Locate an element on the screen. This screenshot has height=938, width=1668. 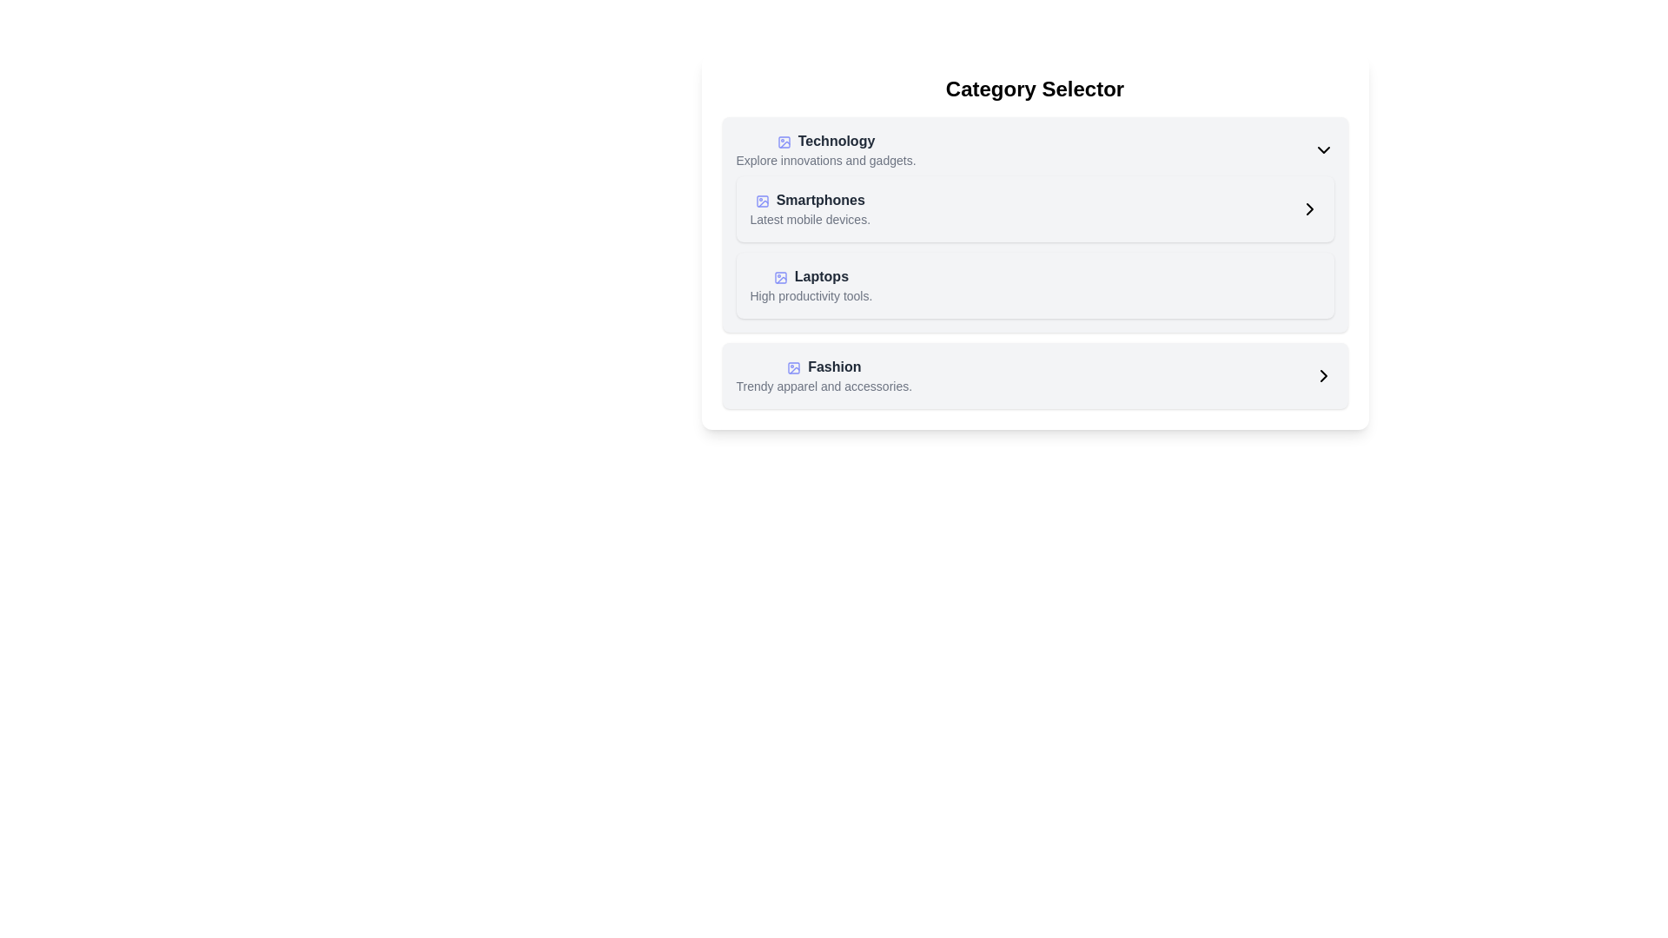
the 'Fashion' text label, which is styled with a bold and dark gray font and located in the category card beneath the 'Laptops' category is located at coordinates (834, 366).